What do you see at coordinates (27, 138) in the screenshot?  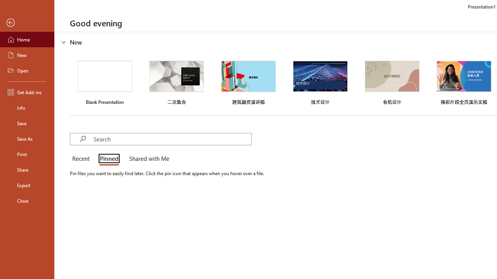 I see `'Save As'` at bounding box center [27, 138].